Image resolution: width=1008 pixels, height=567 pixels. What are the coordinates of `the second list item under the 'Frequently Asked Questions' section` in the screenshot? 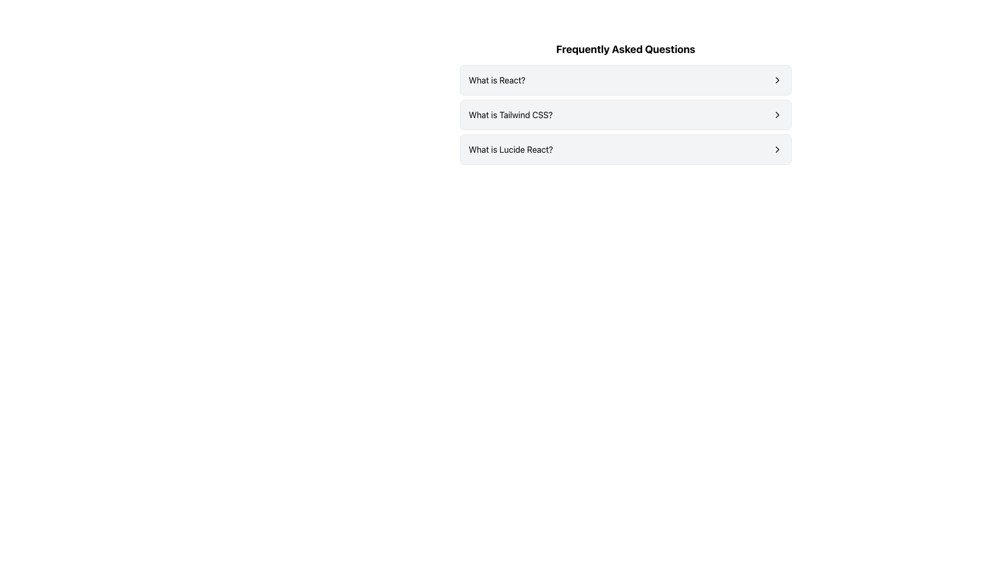 It's located at (625, 115).